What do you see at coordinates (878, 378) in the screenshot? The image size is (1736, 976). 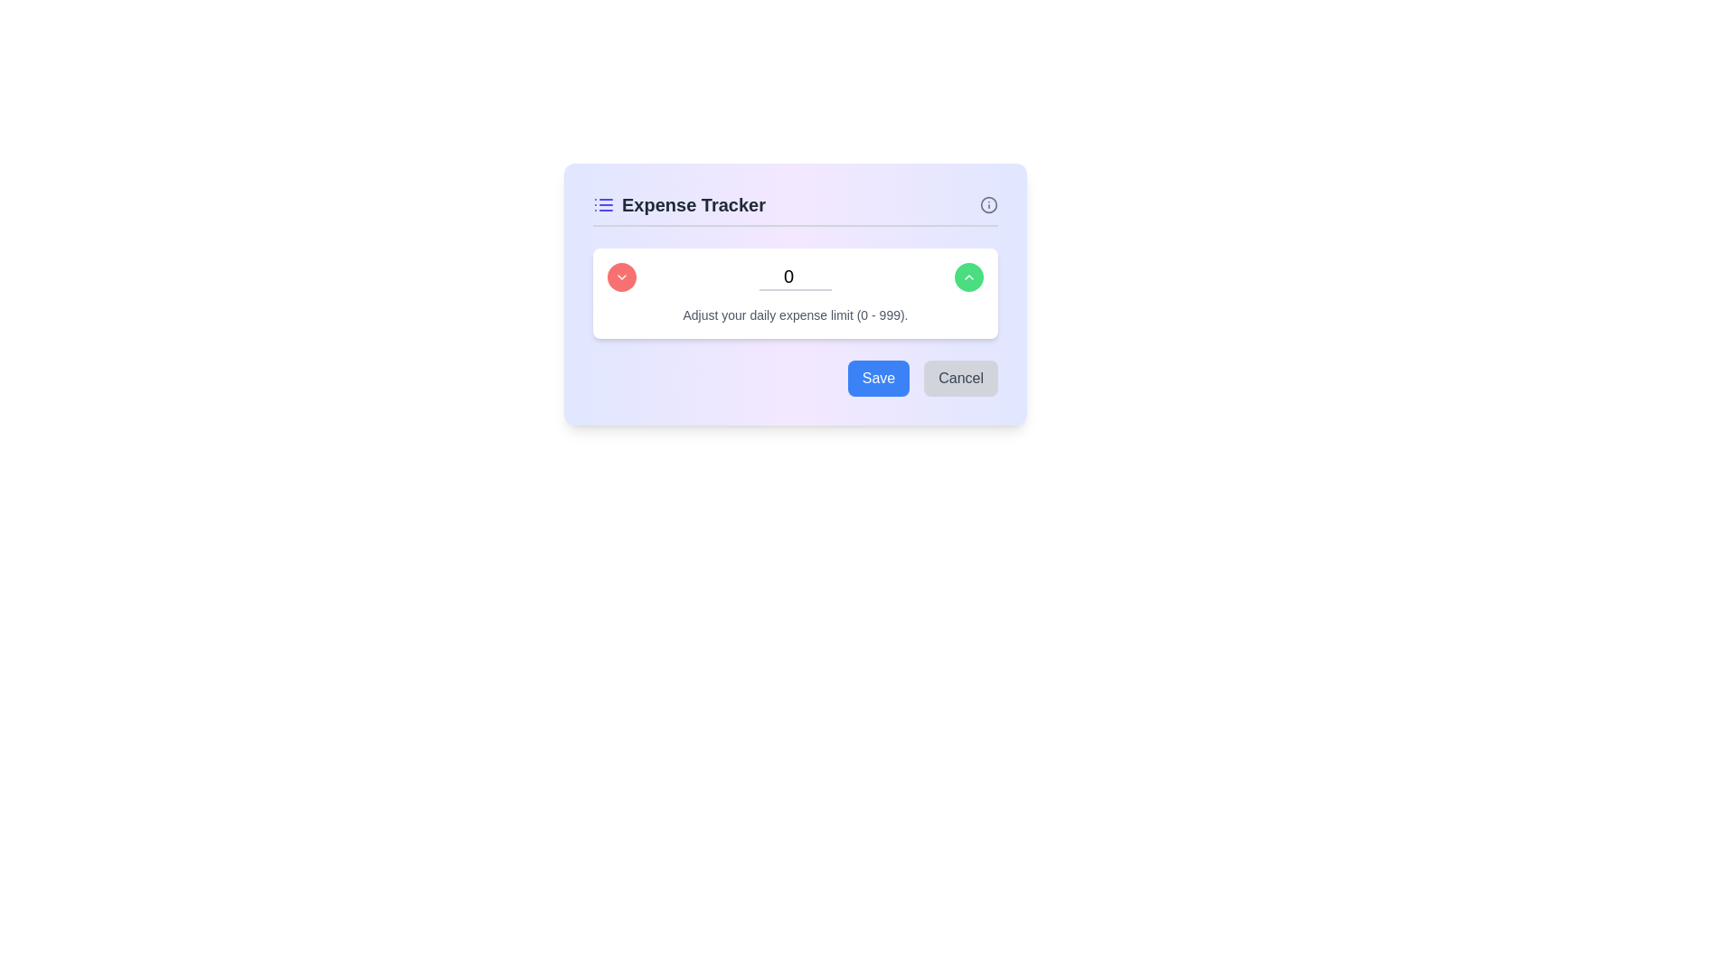 I see `the 'Save' button, which is a rectangular button with a blue background and white text located in the bottom-right segment of the main interface` at bounding box center [878, 378].